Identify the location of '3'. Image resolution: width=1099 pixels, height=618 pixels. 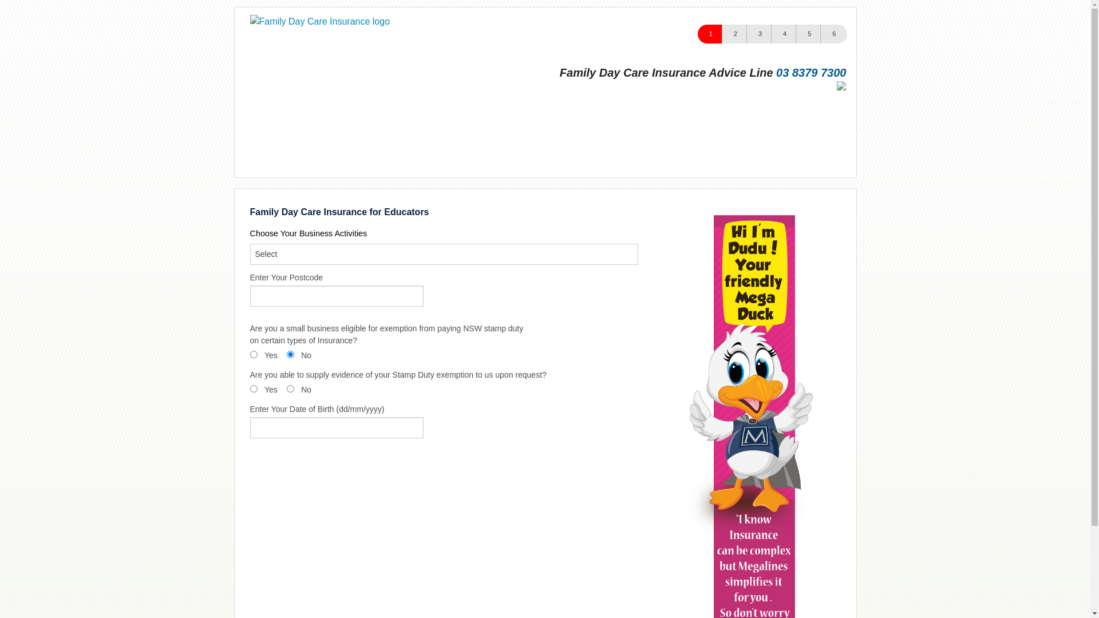
(746, 33).